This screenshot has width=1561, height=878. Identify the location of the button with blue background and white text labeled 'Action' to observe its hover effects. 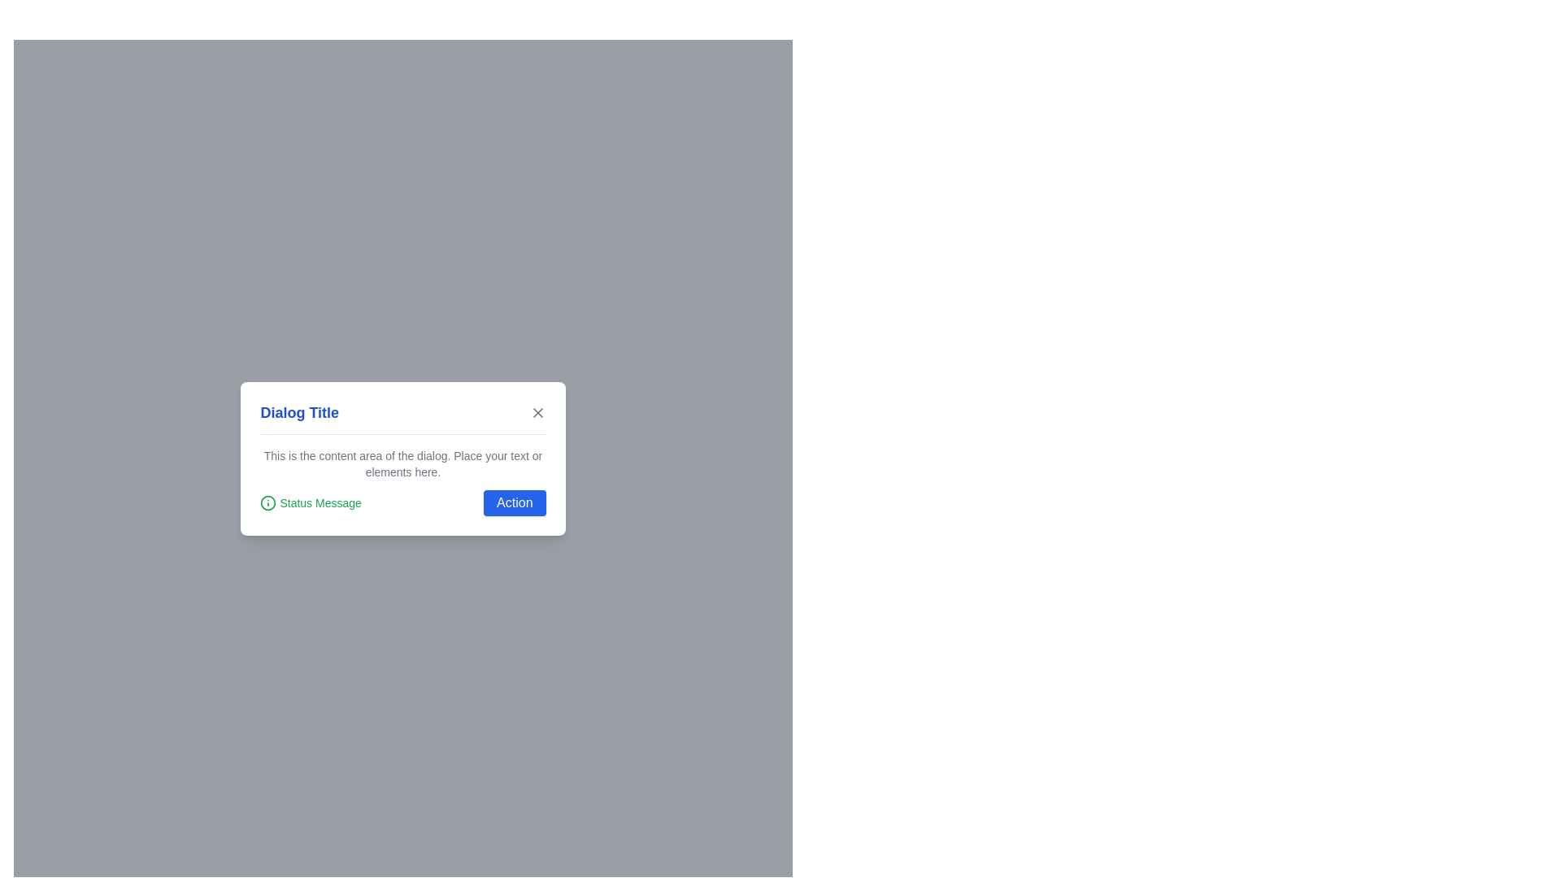
(514, 502).